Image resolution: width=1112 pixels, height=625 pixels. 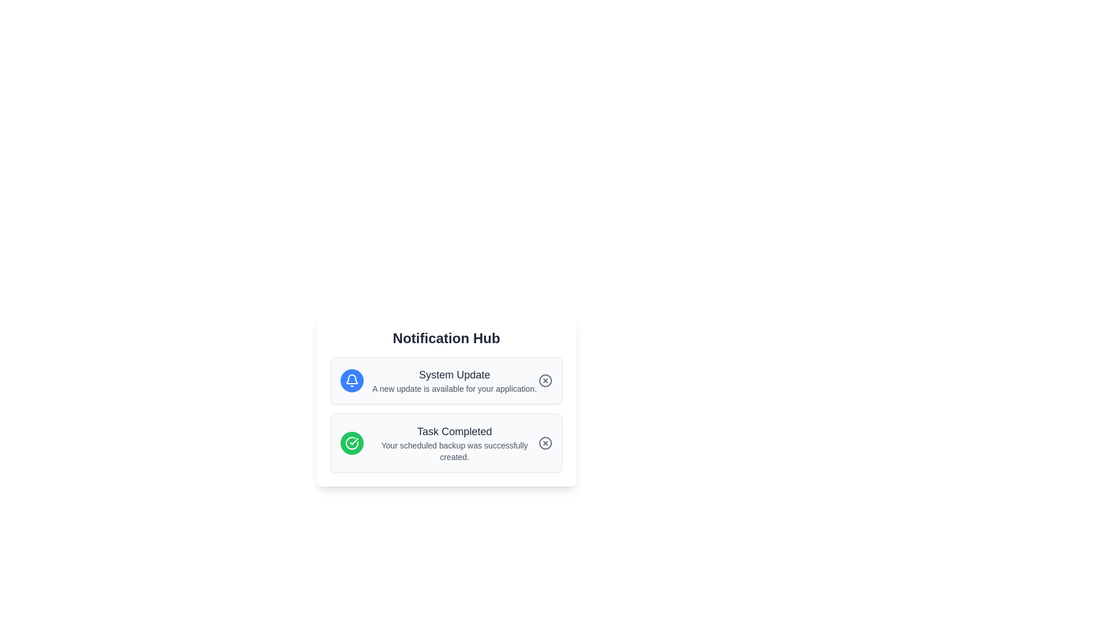 I want to click on the circular green icon with a white checkmark indicating completion, located at the top left corner of the 'Task Completed' notification card, so click(x=352, y=443).